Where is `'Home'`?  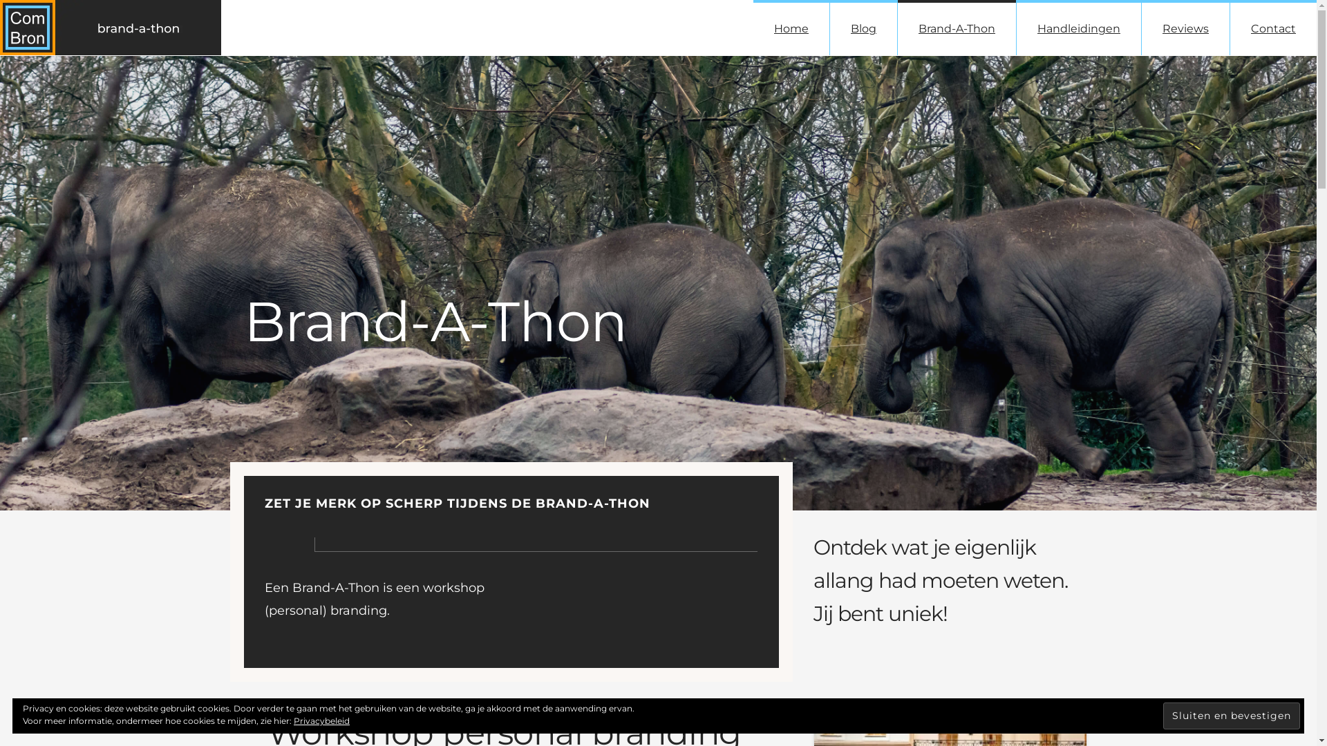 'Home' is located at coordinates (791, 27).